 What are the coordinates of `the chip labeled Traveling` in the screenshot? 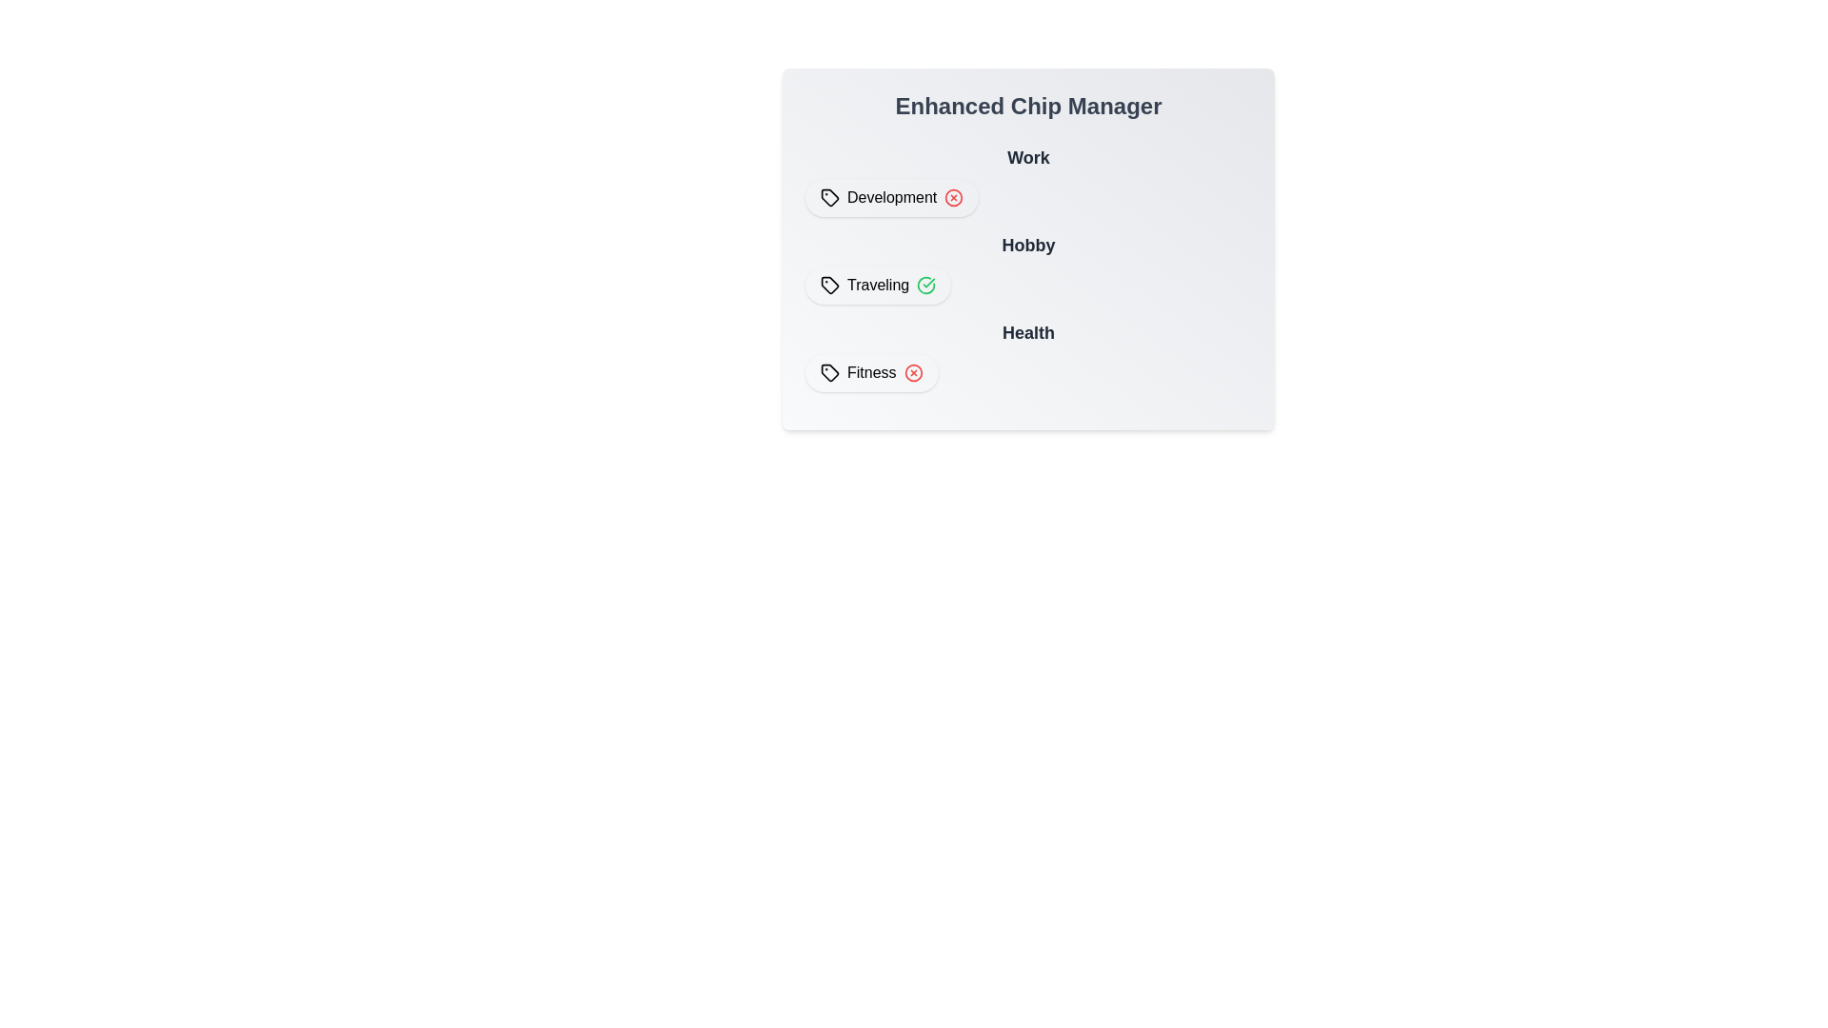 It's located at (877, 286).